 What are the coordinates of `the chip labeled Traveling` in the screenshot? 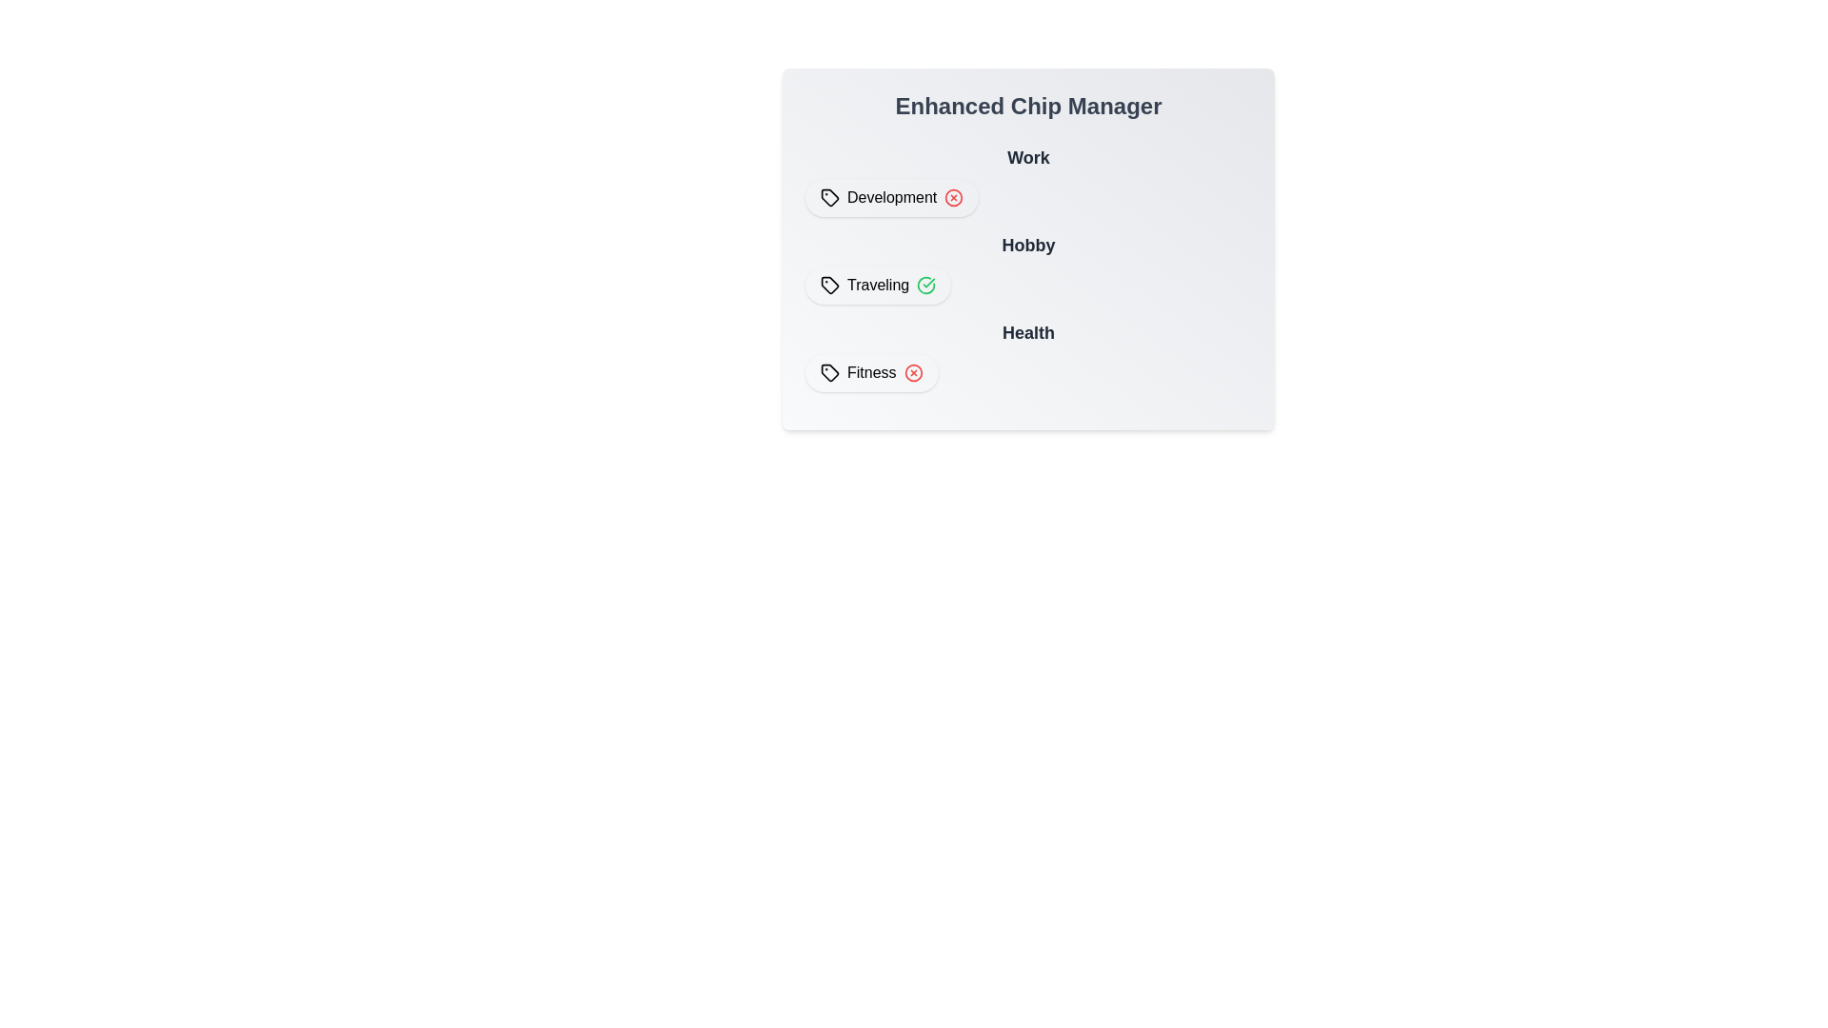 It's located at (877, 286).